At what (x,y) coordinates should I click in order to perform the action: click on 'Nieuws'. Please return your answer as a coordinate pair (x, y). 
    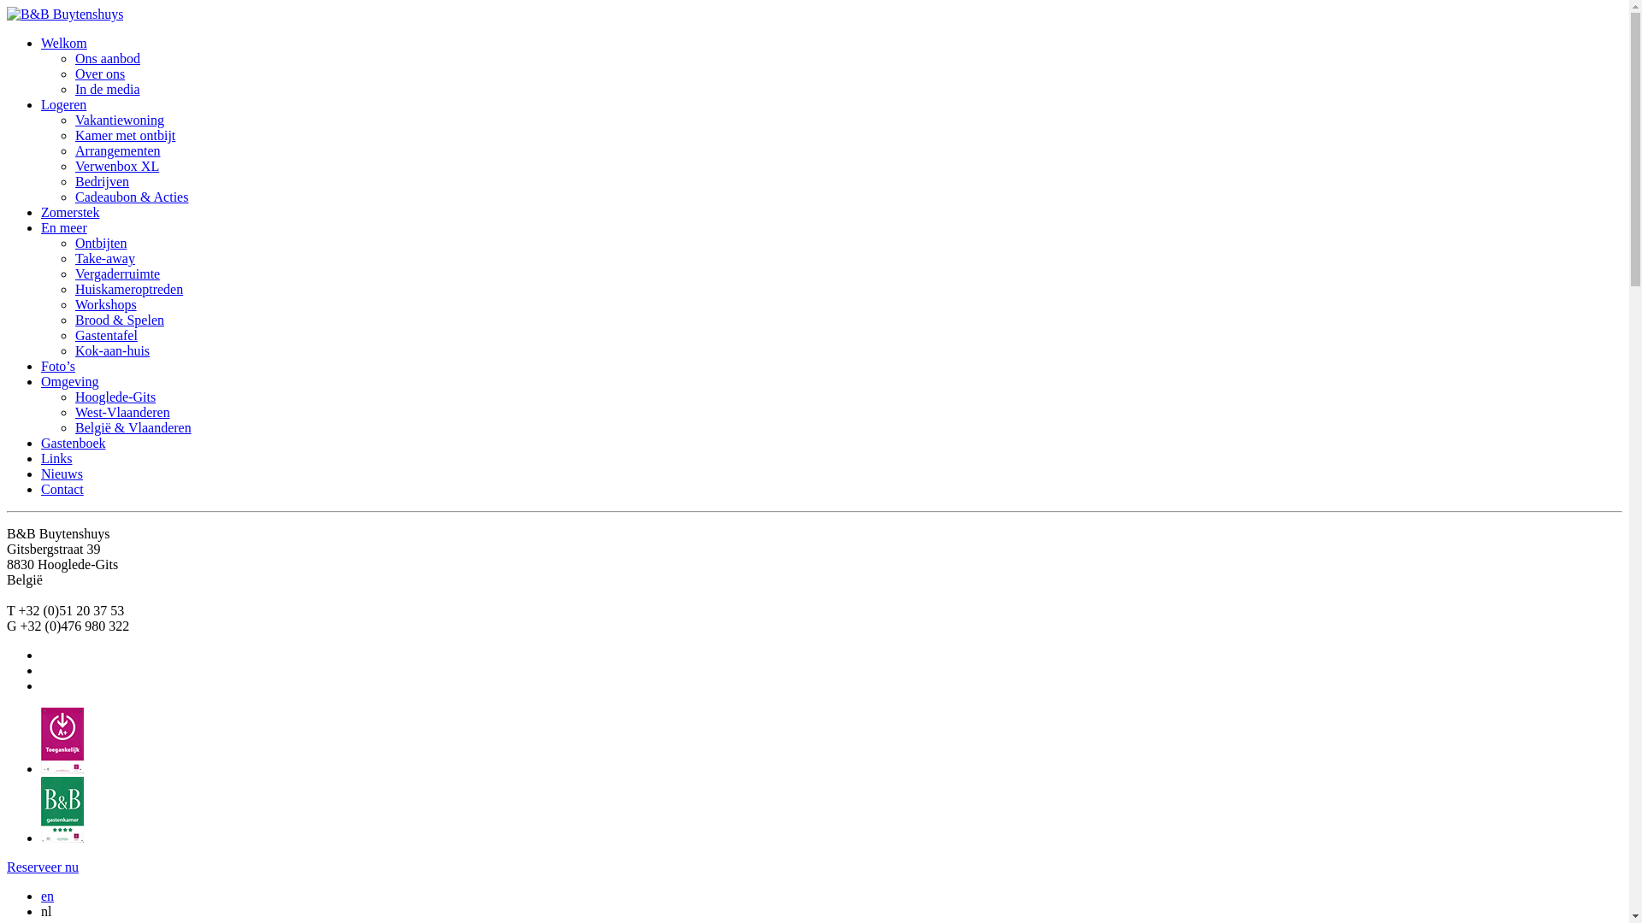
    Looking at the image, I should click on (62, 473).